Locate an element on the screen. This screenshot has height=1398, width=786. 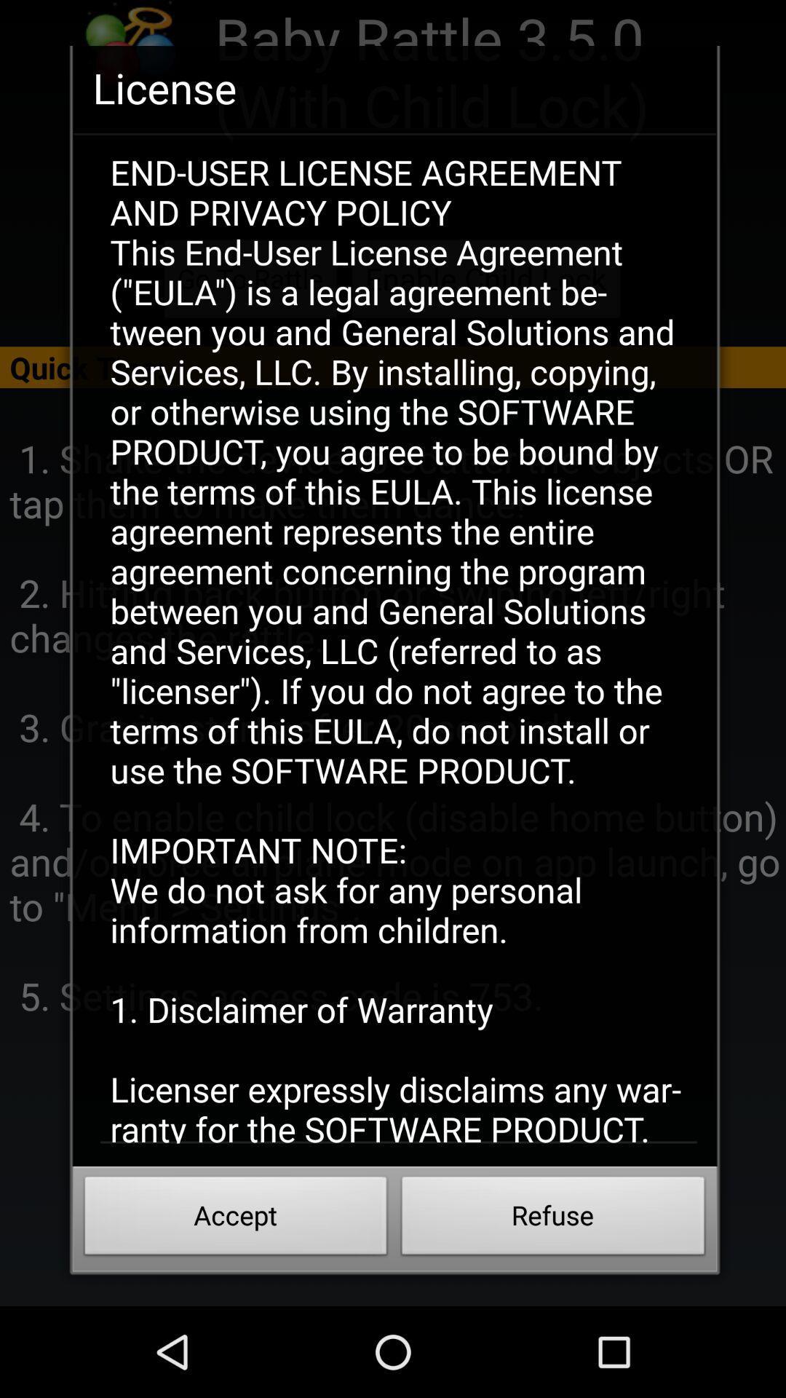
the refuse item is located at coordinates (553, 1220).